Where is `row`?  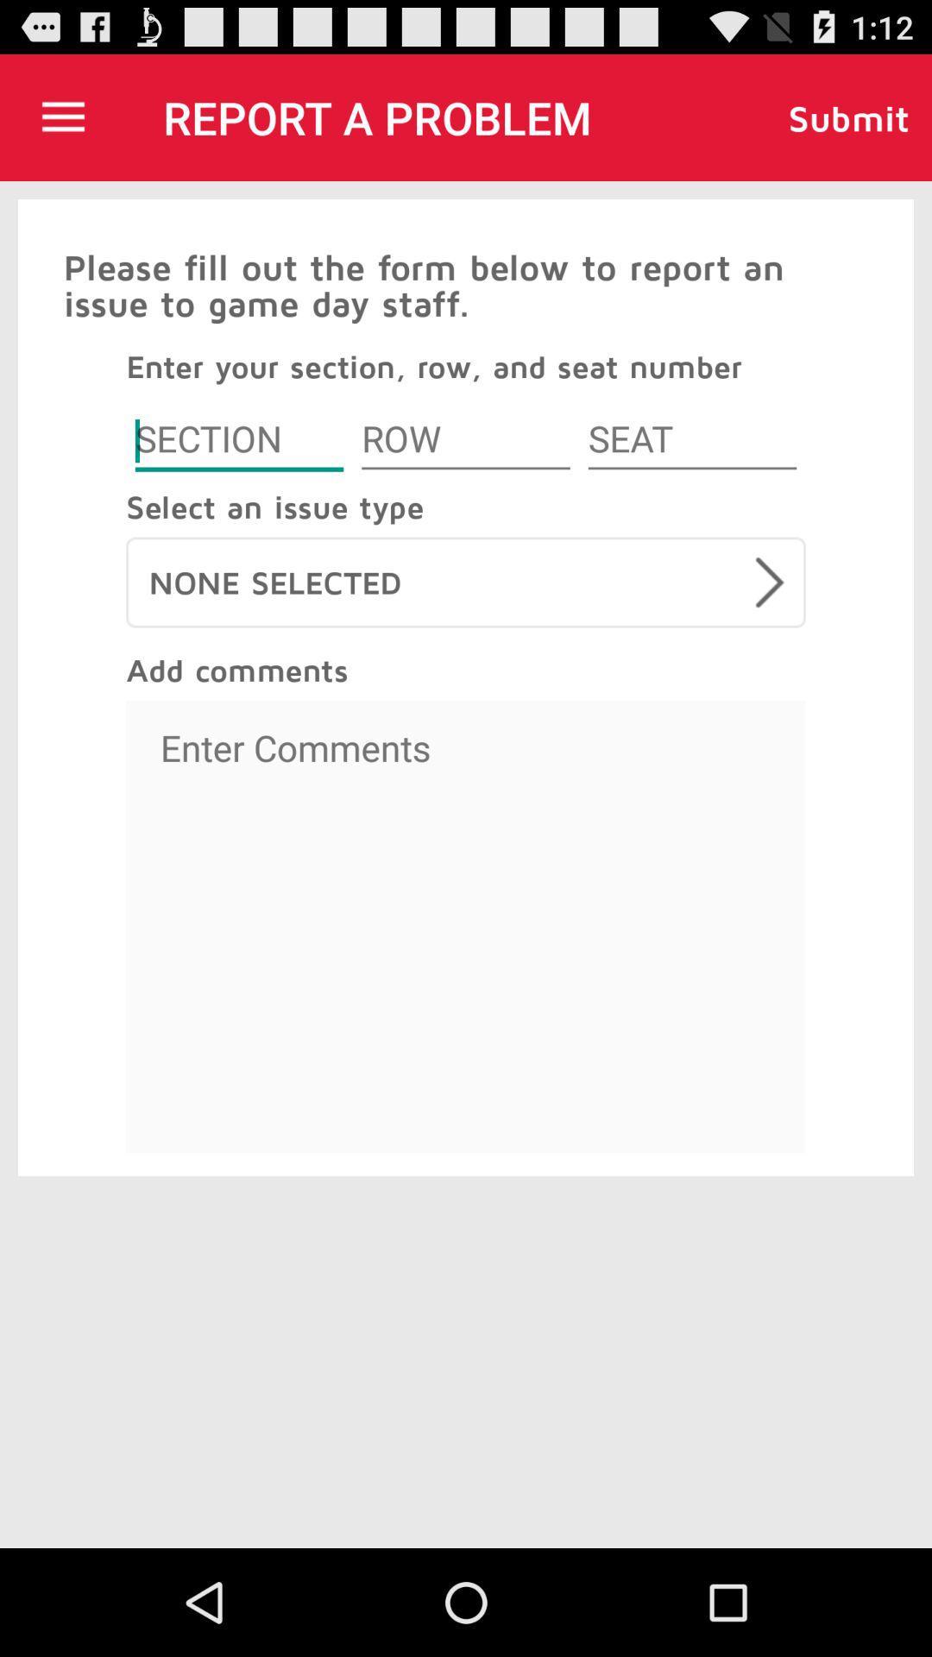
row is located at coordinates (466, 442).